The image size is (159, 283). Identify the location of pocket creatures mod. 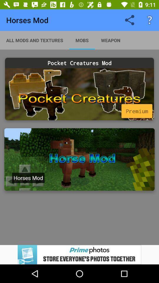
(79, 94).